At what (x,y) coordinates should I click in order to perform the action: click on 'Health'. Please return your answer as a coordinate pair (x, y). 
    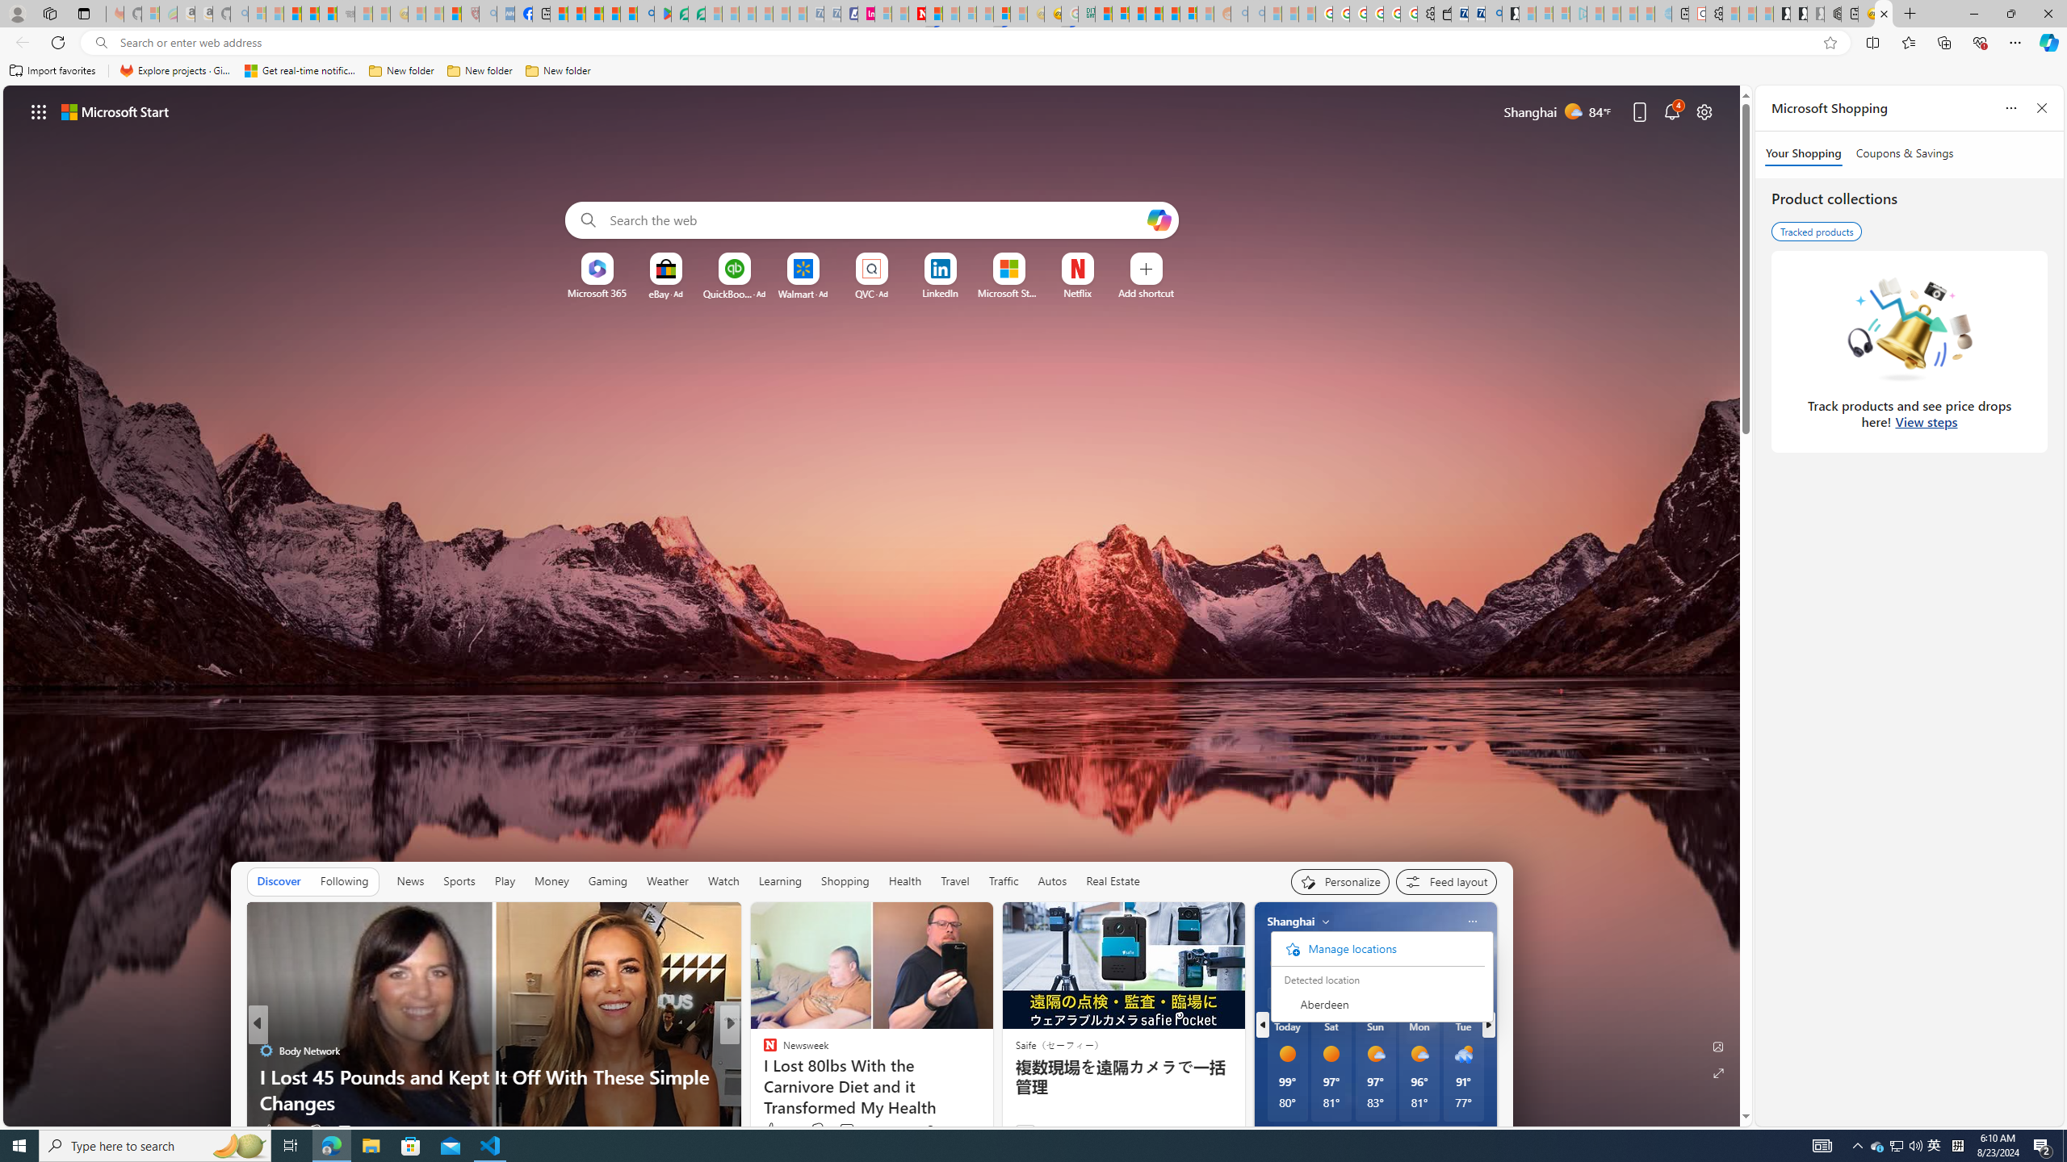
    Looking at the image, I should click on (905, 880).